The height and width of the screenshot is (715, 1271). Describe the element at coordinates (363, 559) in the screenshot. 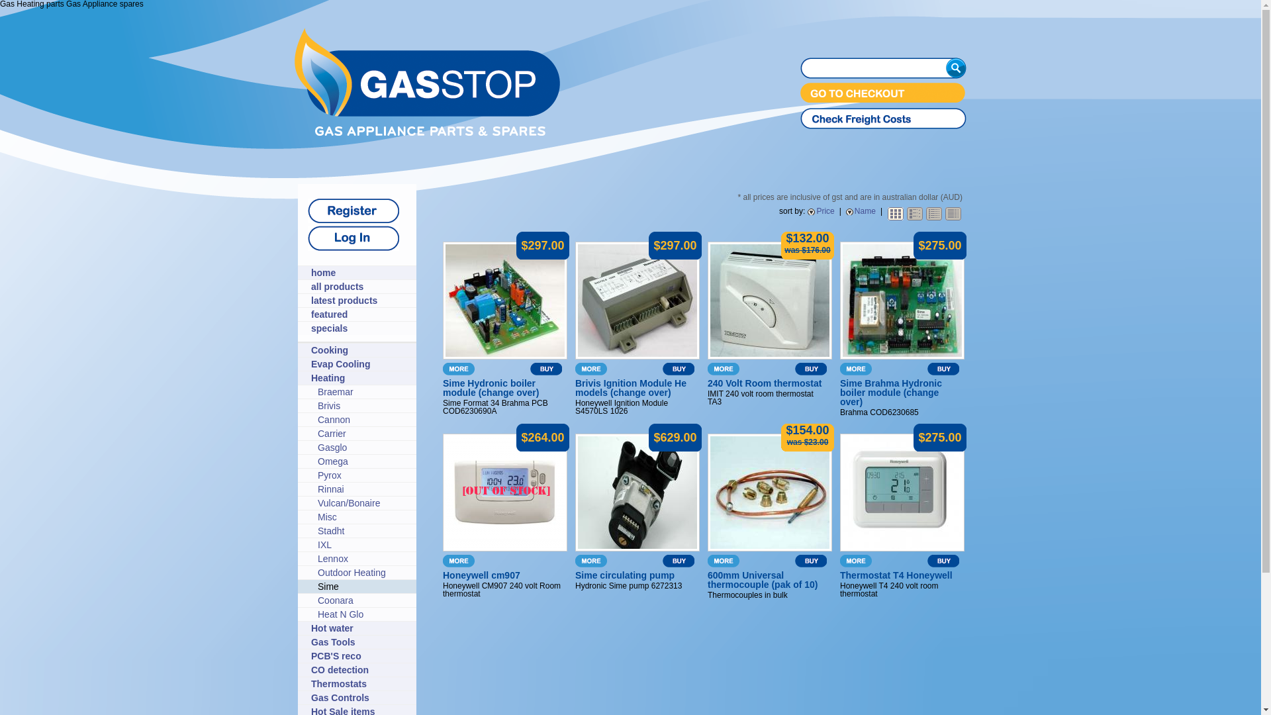

I see `'Lennox'` at that location.